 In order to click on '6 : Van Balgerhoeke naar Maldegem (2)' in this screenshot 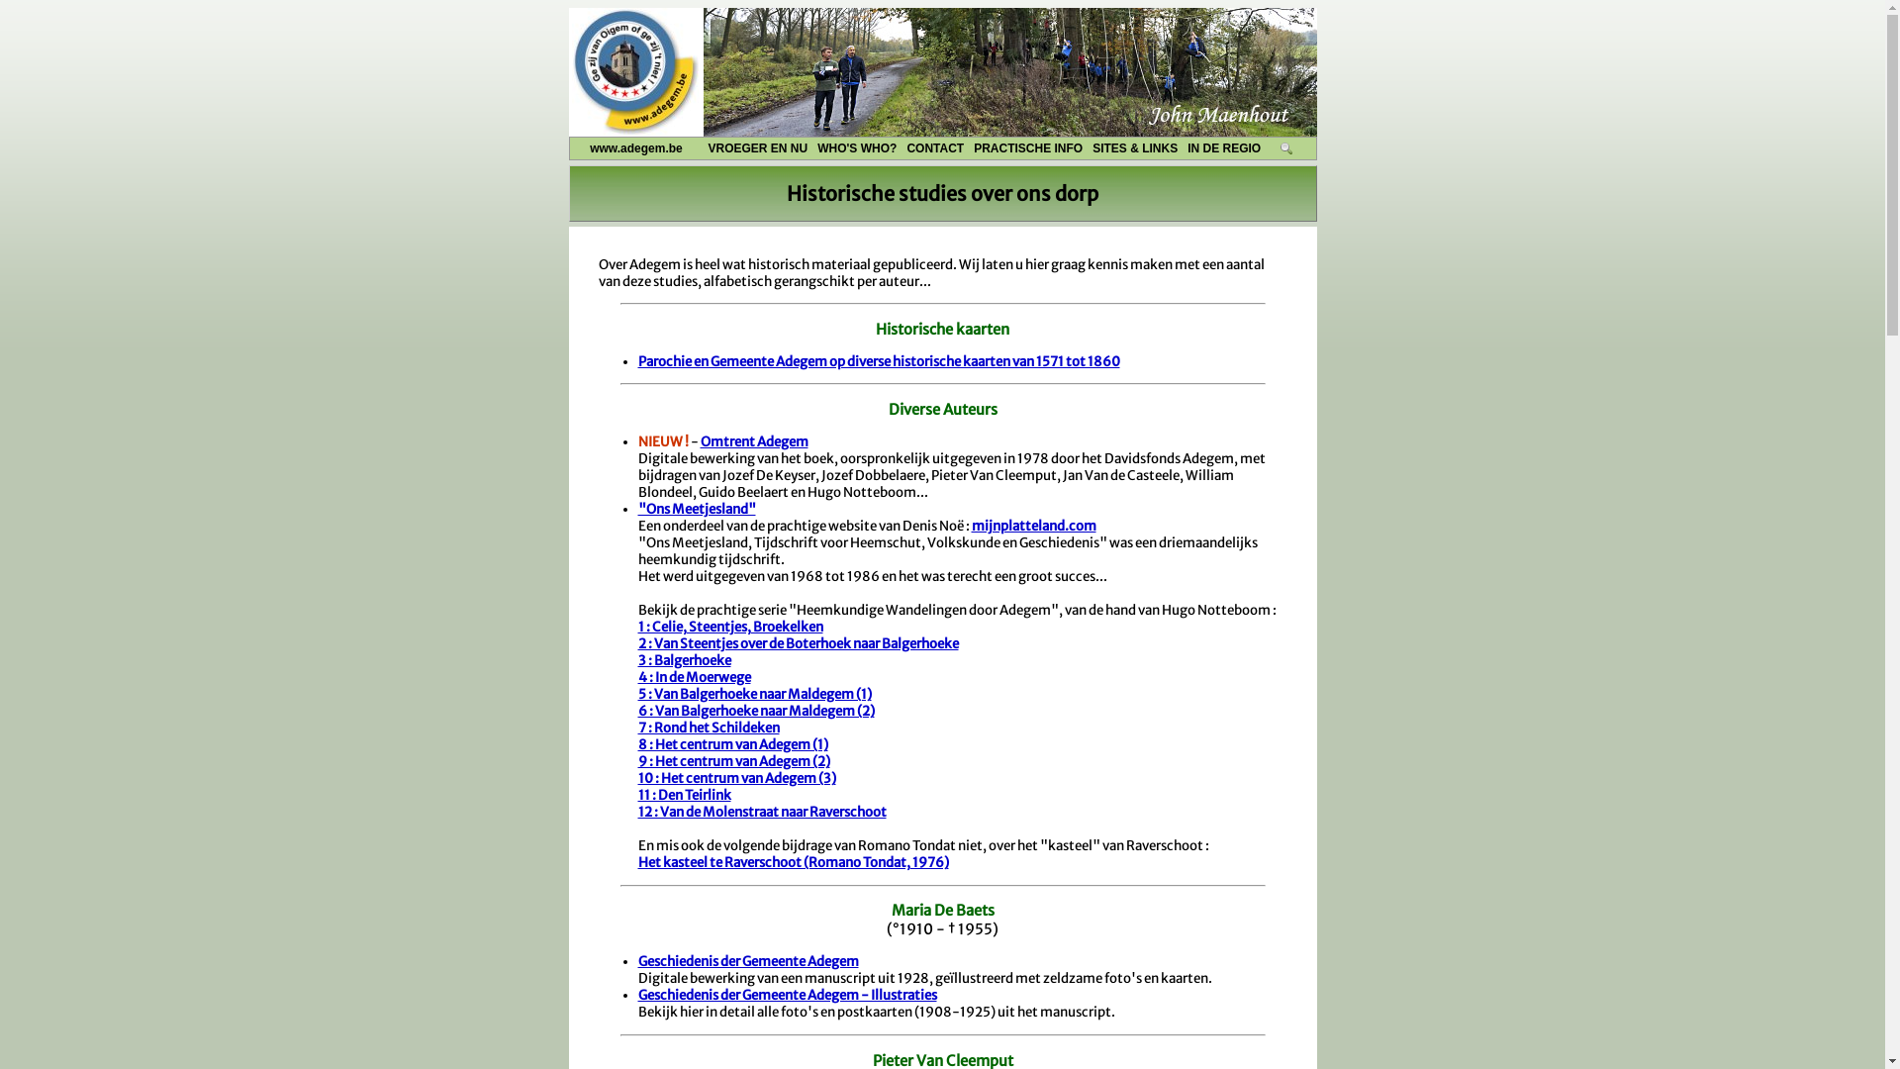, I will do `click(636, 710)`.